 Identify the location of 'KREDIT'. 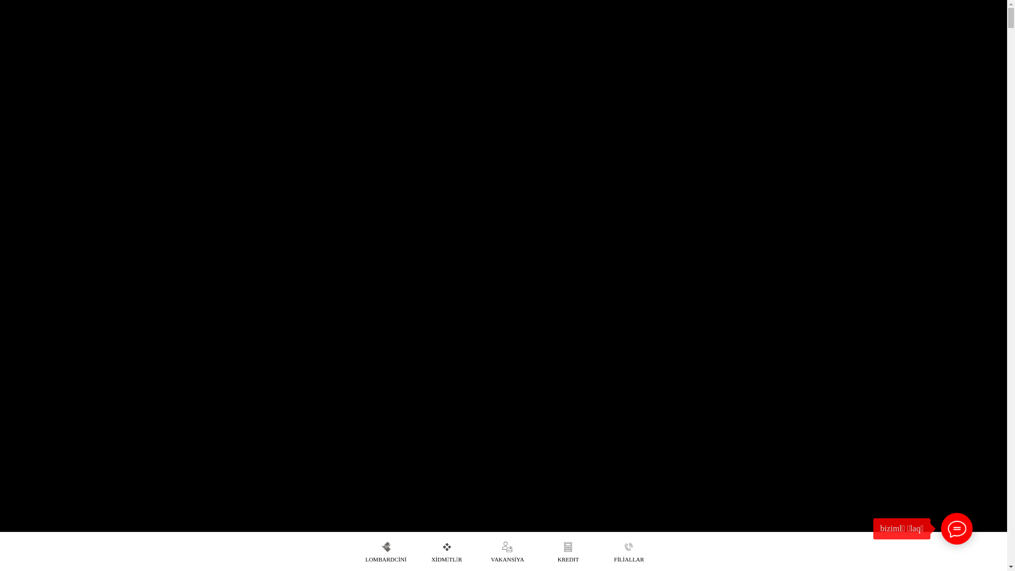
(568, 551).